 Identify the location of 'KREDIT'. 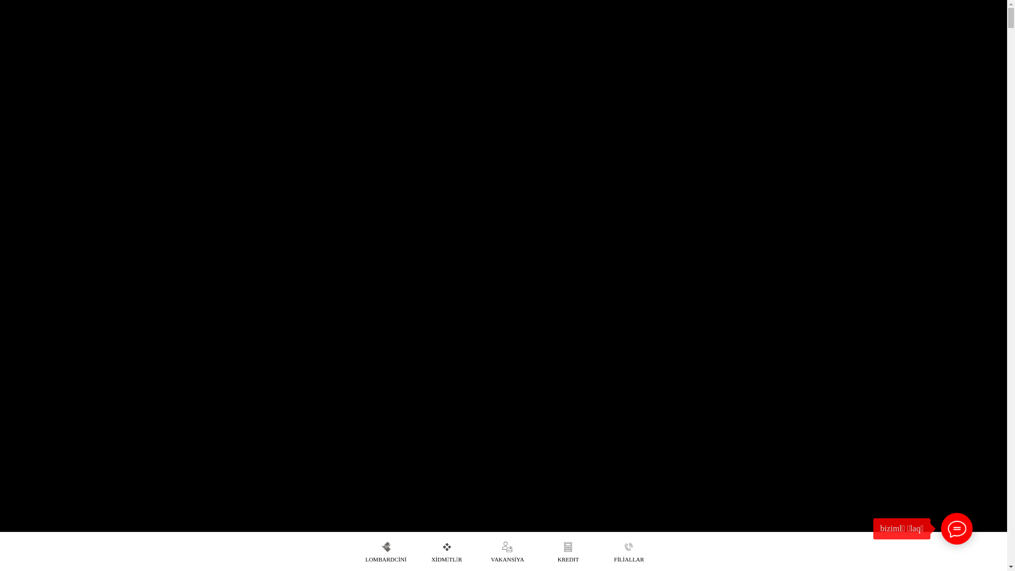
(568, 551).